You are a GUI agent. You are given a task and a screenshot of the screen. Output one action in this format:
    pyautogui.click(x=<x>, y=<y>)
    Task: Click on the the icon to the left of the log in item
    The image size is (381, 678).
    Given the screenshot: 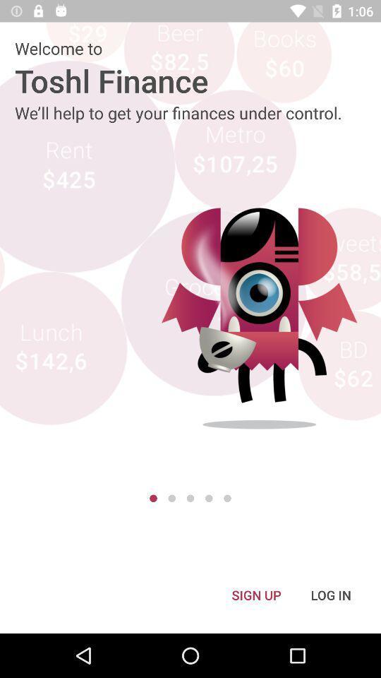 What is the action you would take?
    pyautogui.click(x=255, y=594)
    